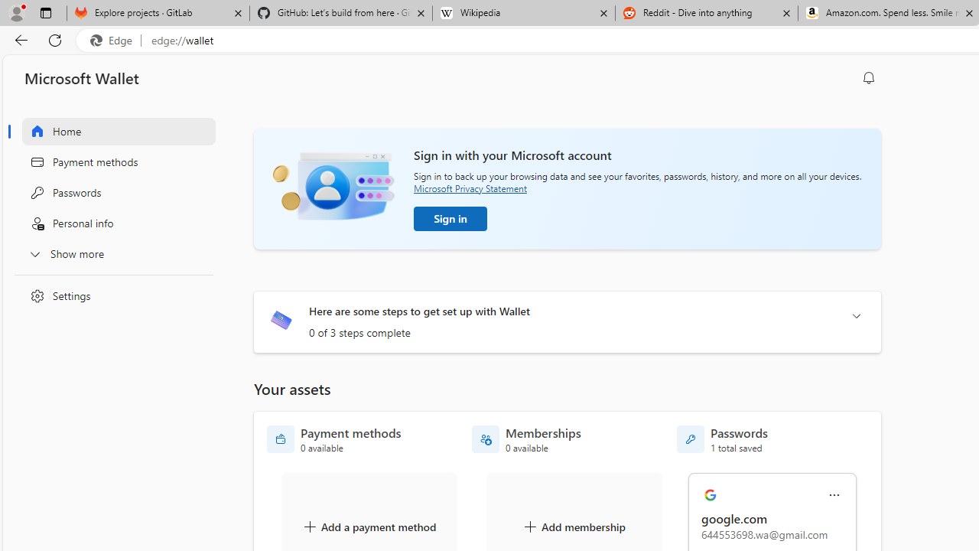 The width and height of the screenshot is (979, 551). Describe the element at coordinates (706, 13) in the screenshot. I see `'Reddit - Dive into anything'` at that location.